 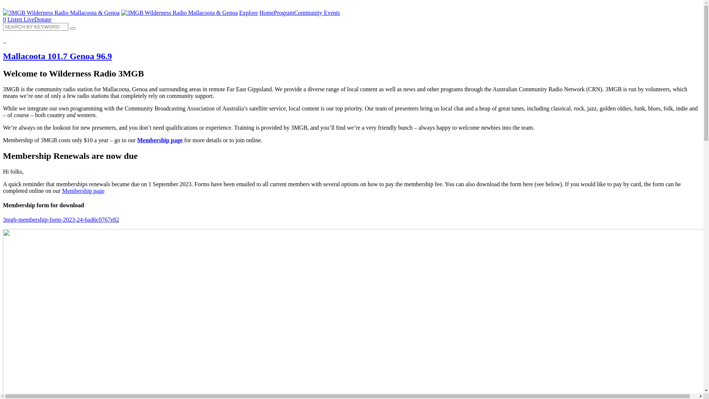 What do you see at coordinates (62, 190) in the screenshot?
I see `'Membership page'` at bounding box center [62, 190].